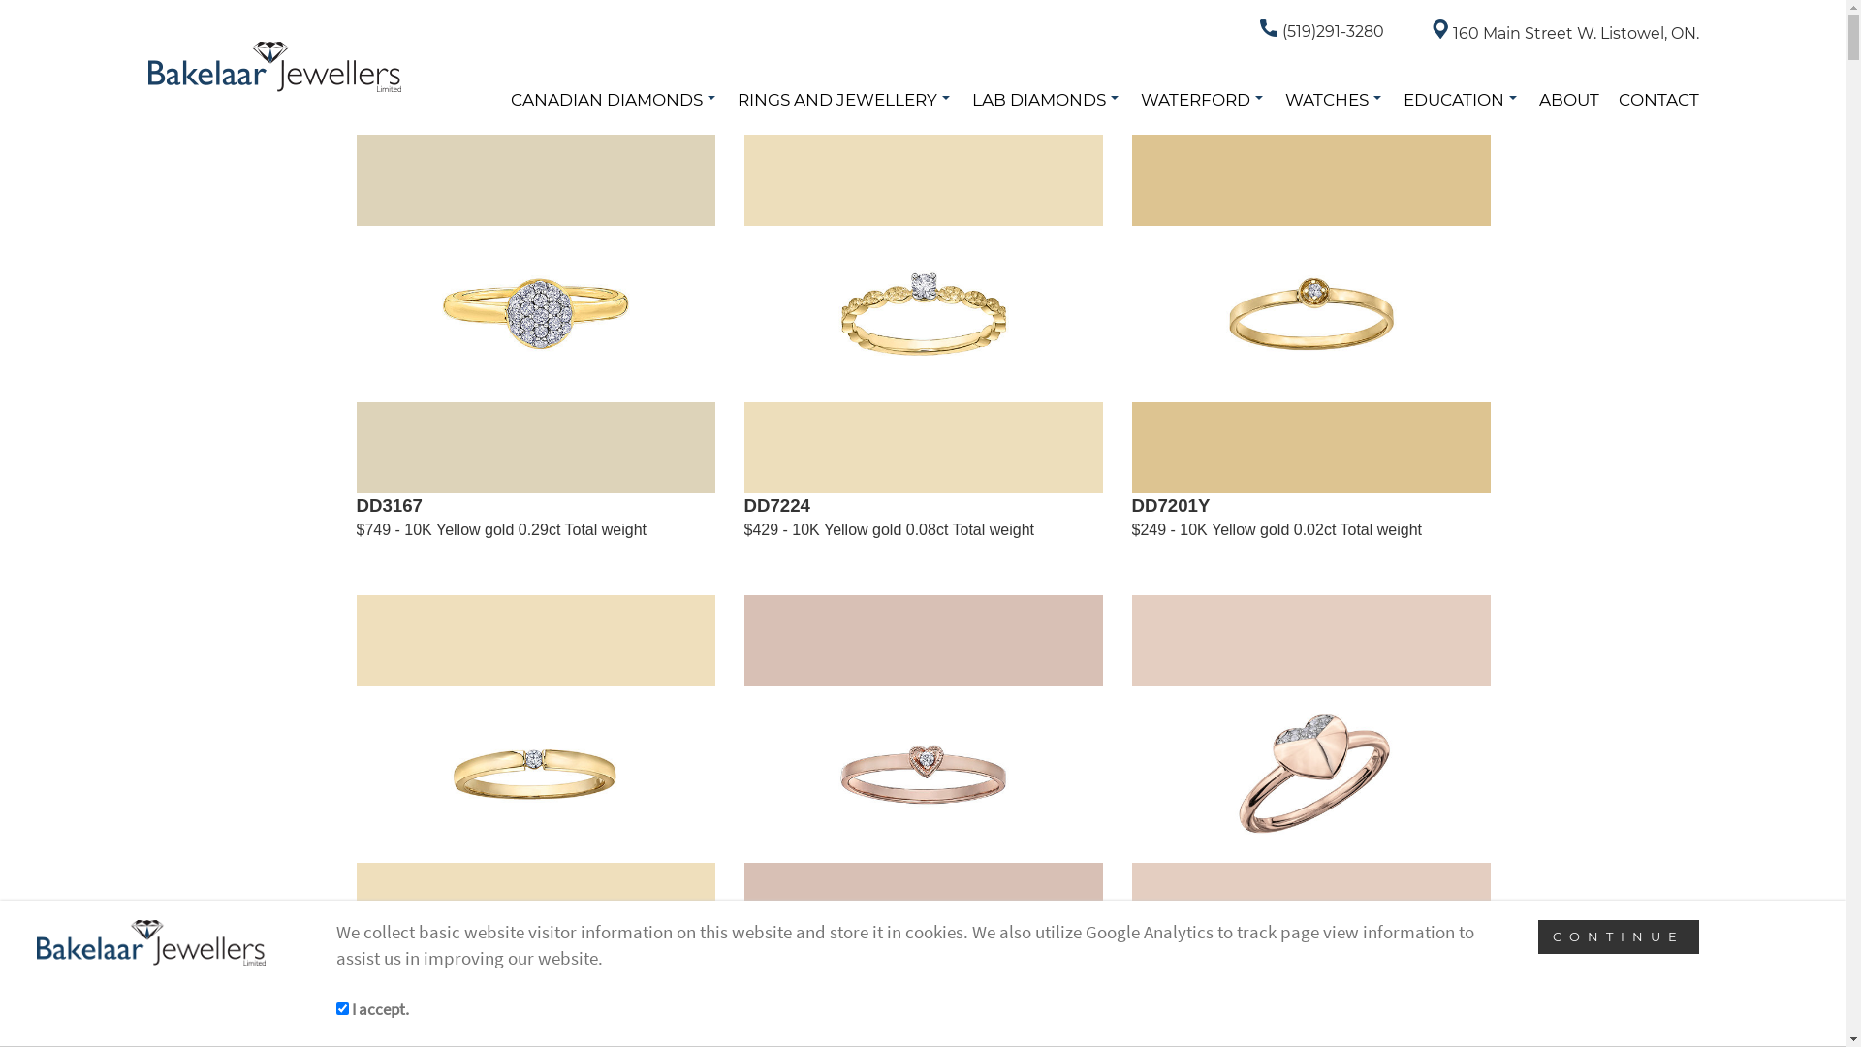 The image size is (1861, 1047). Describe the element at coordinates (1284, 100) in the screenshot. I see `'WATCHES'` at that location.